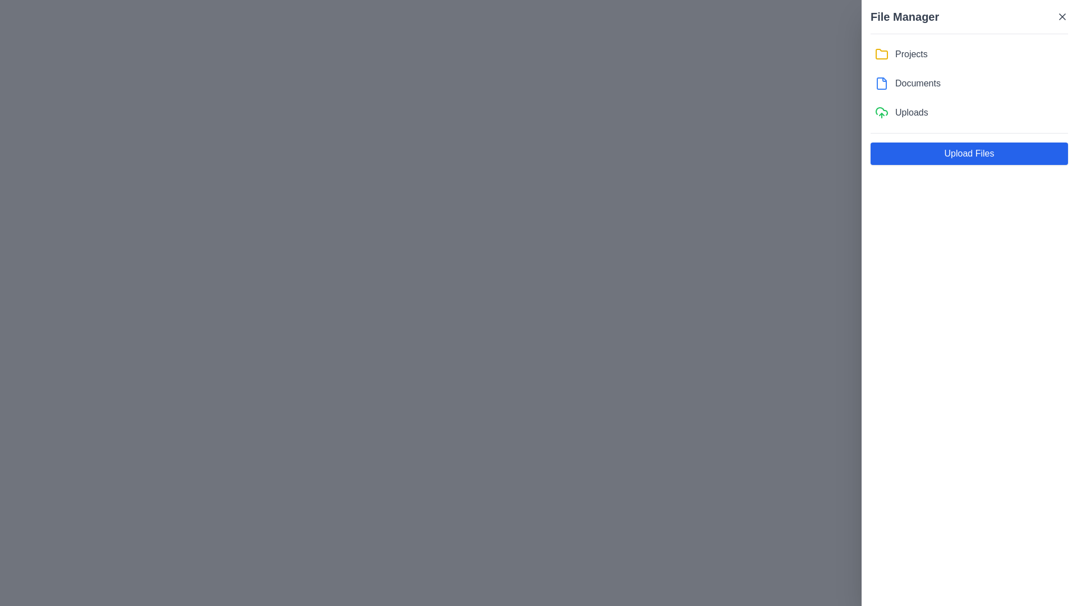 The height and width of the screenshot is (606, 1077). What do you see at coordinates (881, 54) in the screenshot?
I see `the yellow folder icon in the sidebar navigation` at bounding box center [881, 54].